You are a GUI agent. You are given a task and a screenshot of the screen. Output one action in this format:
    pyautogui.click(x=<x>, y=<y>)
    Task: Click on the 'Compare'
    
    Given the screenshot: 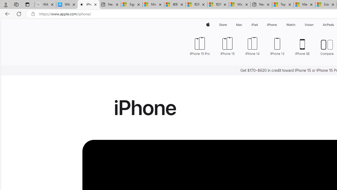 What is the action you would take?
    pyautogui.click(x=327, y=45)
    